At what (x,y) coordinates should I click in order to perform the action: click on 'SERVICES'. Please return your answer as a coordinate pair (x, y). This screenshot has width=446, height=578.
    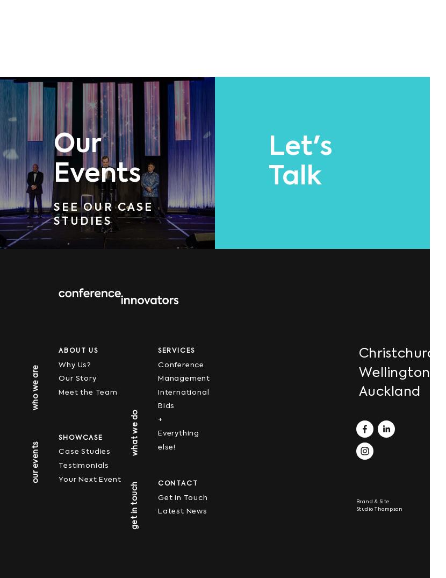
    Looking at the image, I should click on (176, 350).